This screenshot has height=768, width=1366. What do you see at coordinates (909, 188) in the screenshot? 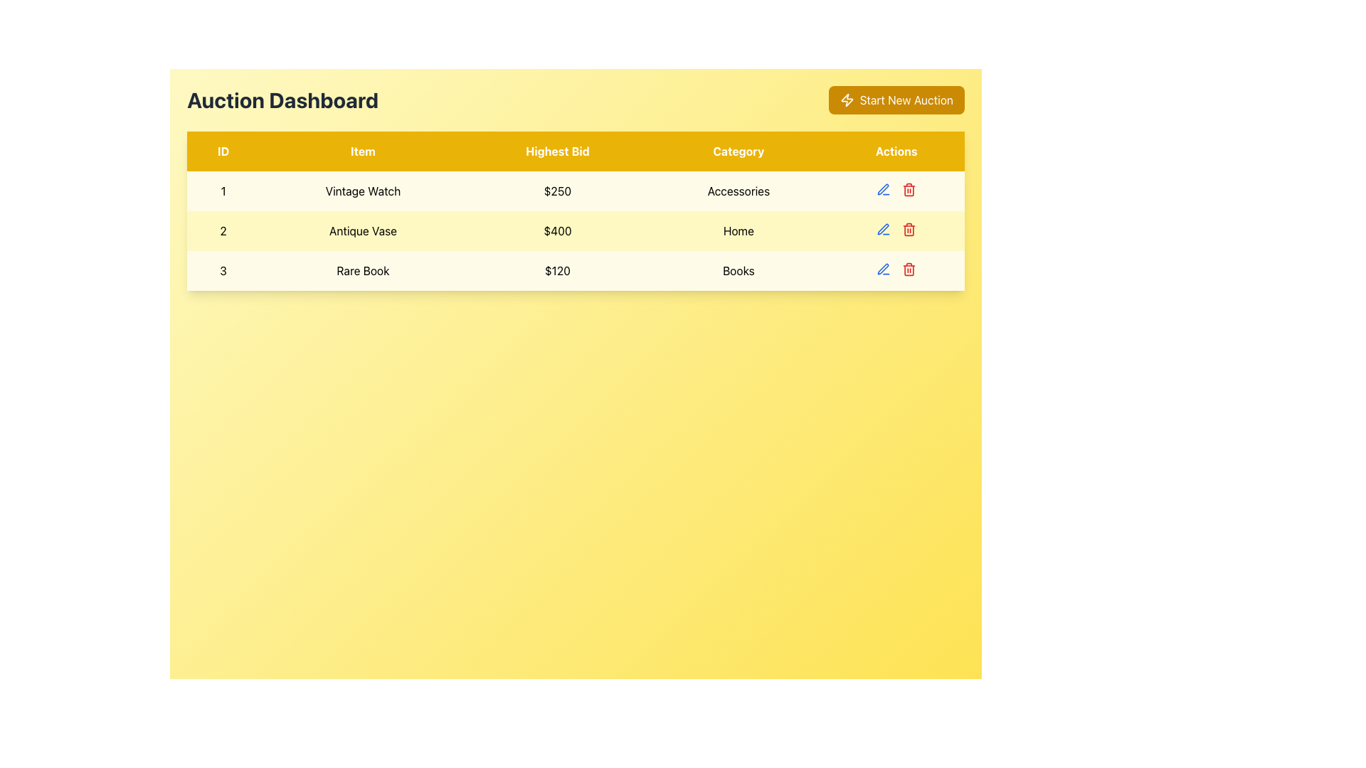
I see `the trash can icon in the 'Actions' column of the first row on the 'Auction Dashboard'` at bounding box center [909, 188].